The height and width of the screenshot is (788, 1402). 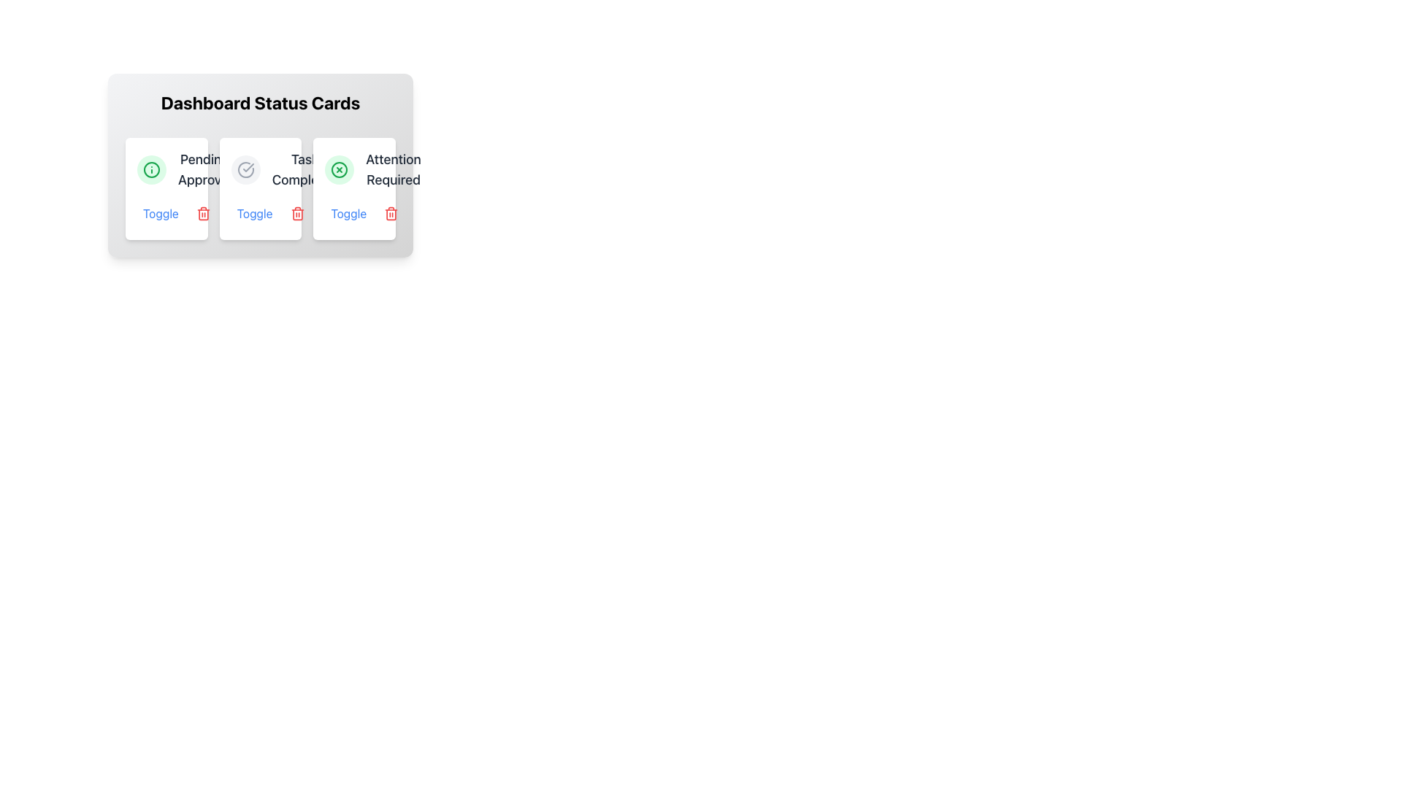 What do you see at coordinates (245, 169) in the screenshot?
I see `the circular icon with a checkmark inside it, which is part of the 'Tasks Completed' card located in the second position of the Dashboard Status Cards` at bounding box center [245, 169].